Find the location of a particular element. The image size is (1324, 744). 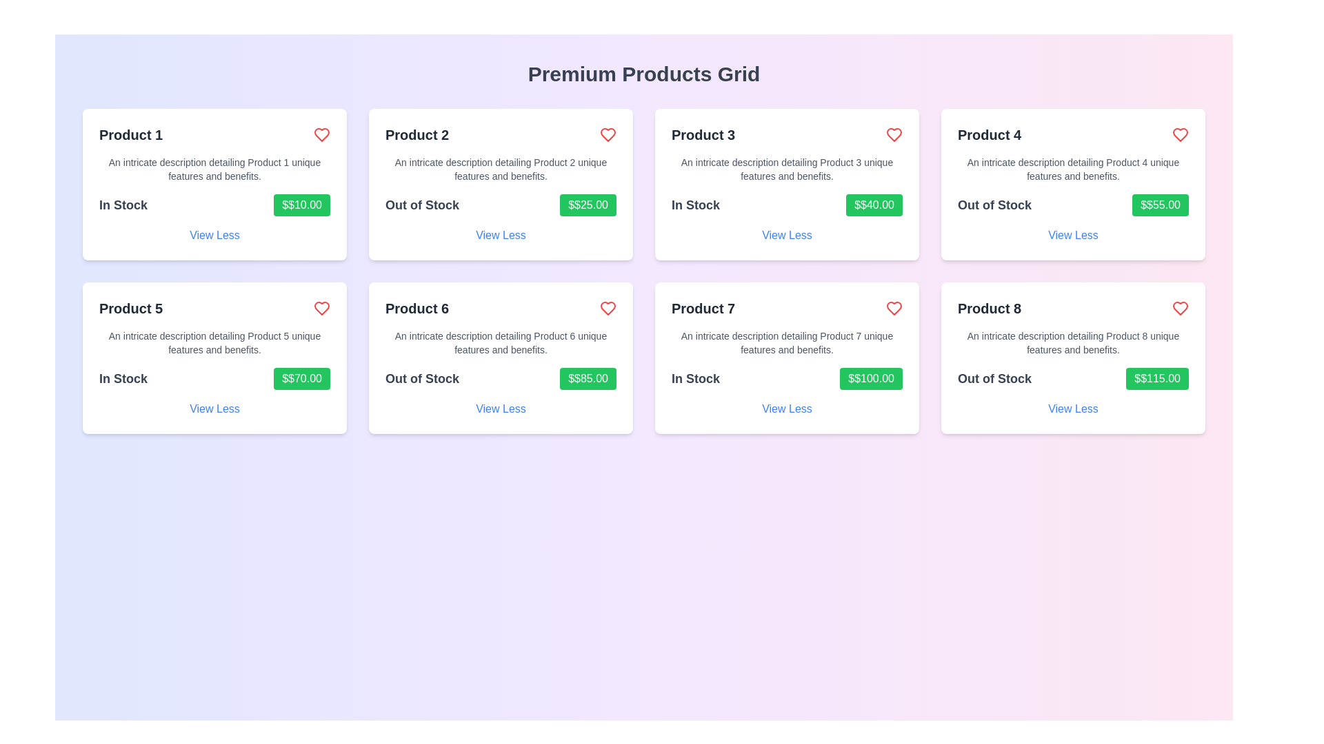

the text label displaying 'Product 2' in bold, larger-sized gray font, located near the top-left corner of the second card in the first row of a grid layout is located at coordinates (417, 135).